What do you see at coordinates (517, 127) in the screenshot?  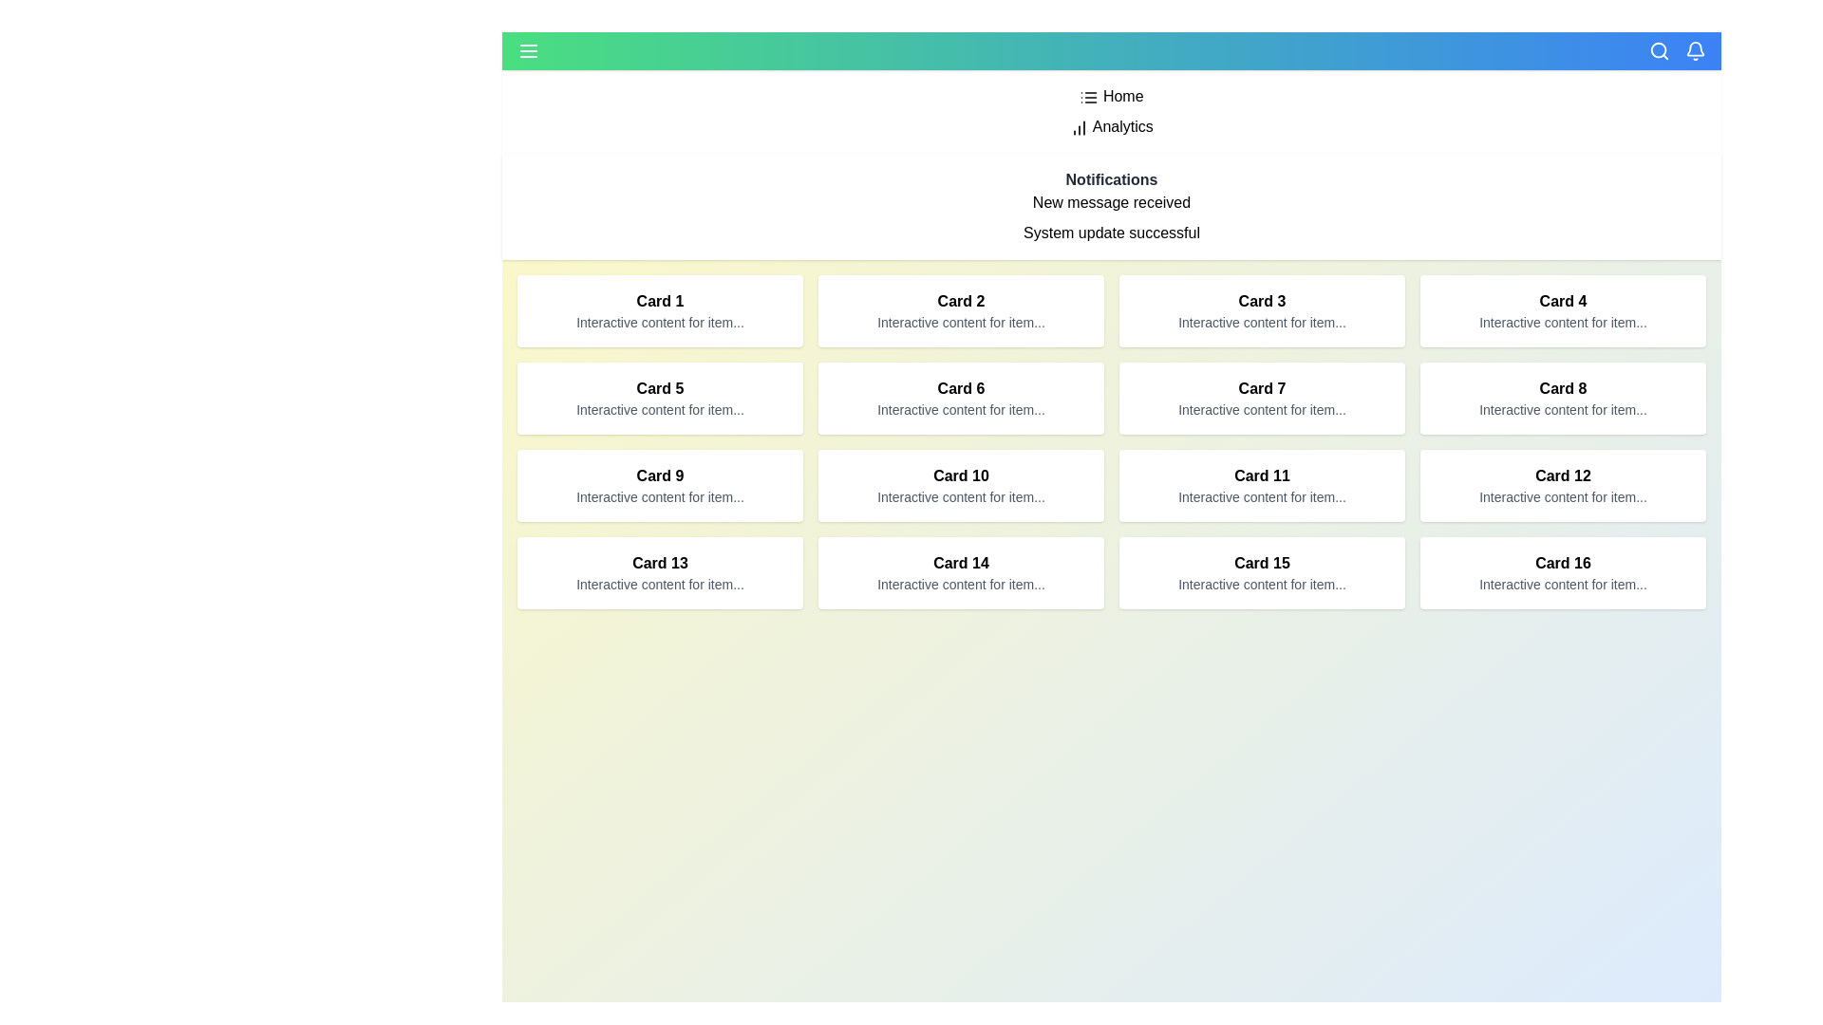 I see `the menu item Analytics from the app bar` at bounding box center [517, 127].